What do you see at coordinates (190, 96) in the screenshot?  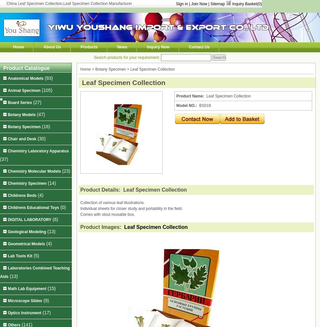 I see `'Product Name:'` at bounding box center [190, 96].